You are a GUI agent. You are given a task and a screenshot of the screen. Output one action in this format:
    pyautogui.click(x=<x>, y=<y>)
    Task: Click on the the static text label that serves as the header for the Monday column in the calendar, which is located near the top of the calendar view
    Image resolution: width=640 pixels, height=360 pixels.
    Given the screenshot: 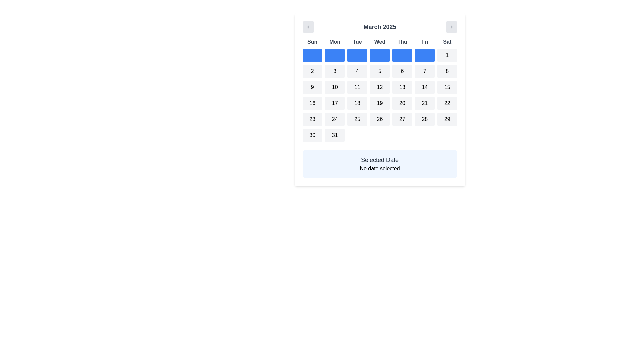 What is the action you would take?
    pyautogui.click(x=335, y=42)
    